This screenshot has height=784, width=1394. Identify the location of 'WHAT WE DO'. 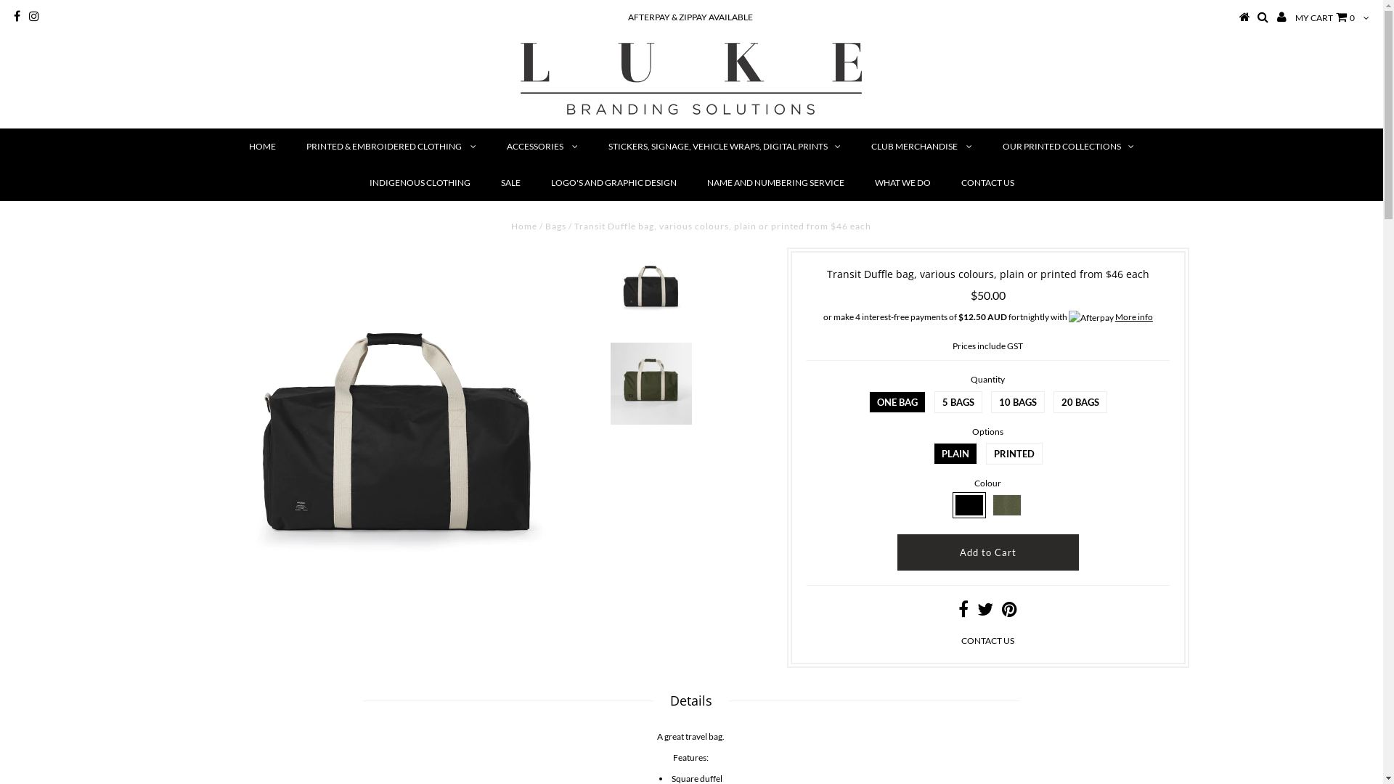
(901, 181).